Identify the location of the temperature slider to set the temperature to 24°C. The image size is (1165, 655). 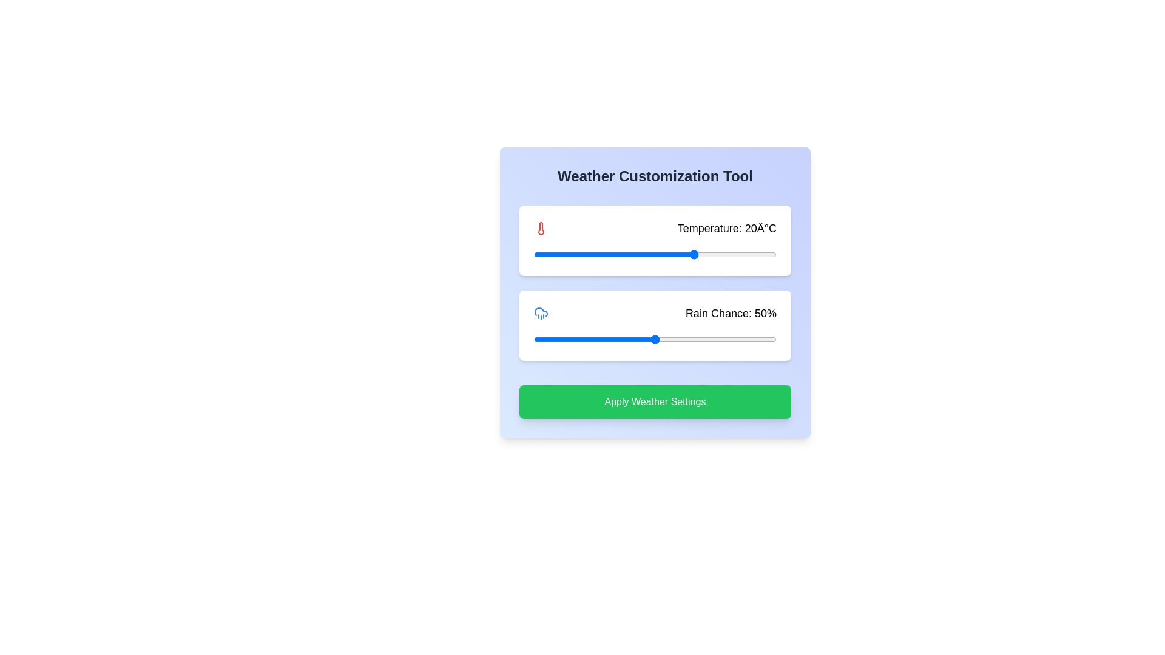
(712, 254).